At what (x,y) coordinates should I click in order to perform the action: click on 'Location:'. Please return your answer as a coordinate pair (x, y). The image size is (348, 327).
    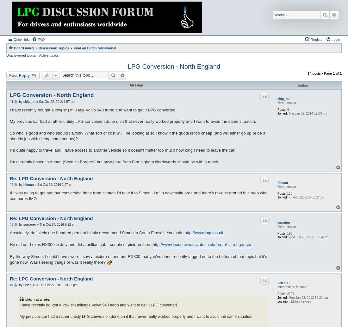
    Looking at the image, I should click on (284, 301).